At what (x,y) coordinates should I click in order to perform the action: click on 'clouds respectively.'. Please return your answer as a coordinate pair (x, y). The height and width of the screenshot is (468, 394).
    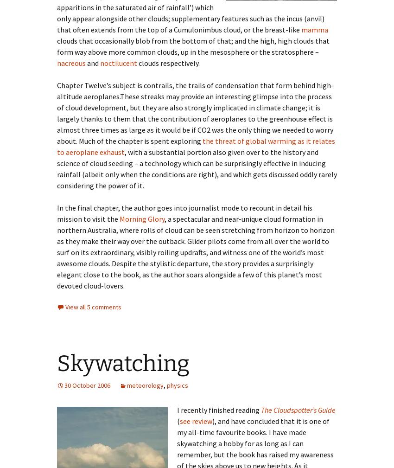
    Looking at the image, I should click on (136, 63).